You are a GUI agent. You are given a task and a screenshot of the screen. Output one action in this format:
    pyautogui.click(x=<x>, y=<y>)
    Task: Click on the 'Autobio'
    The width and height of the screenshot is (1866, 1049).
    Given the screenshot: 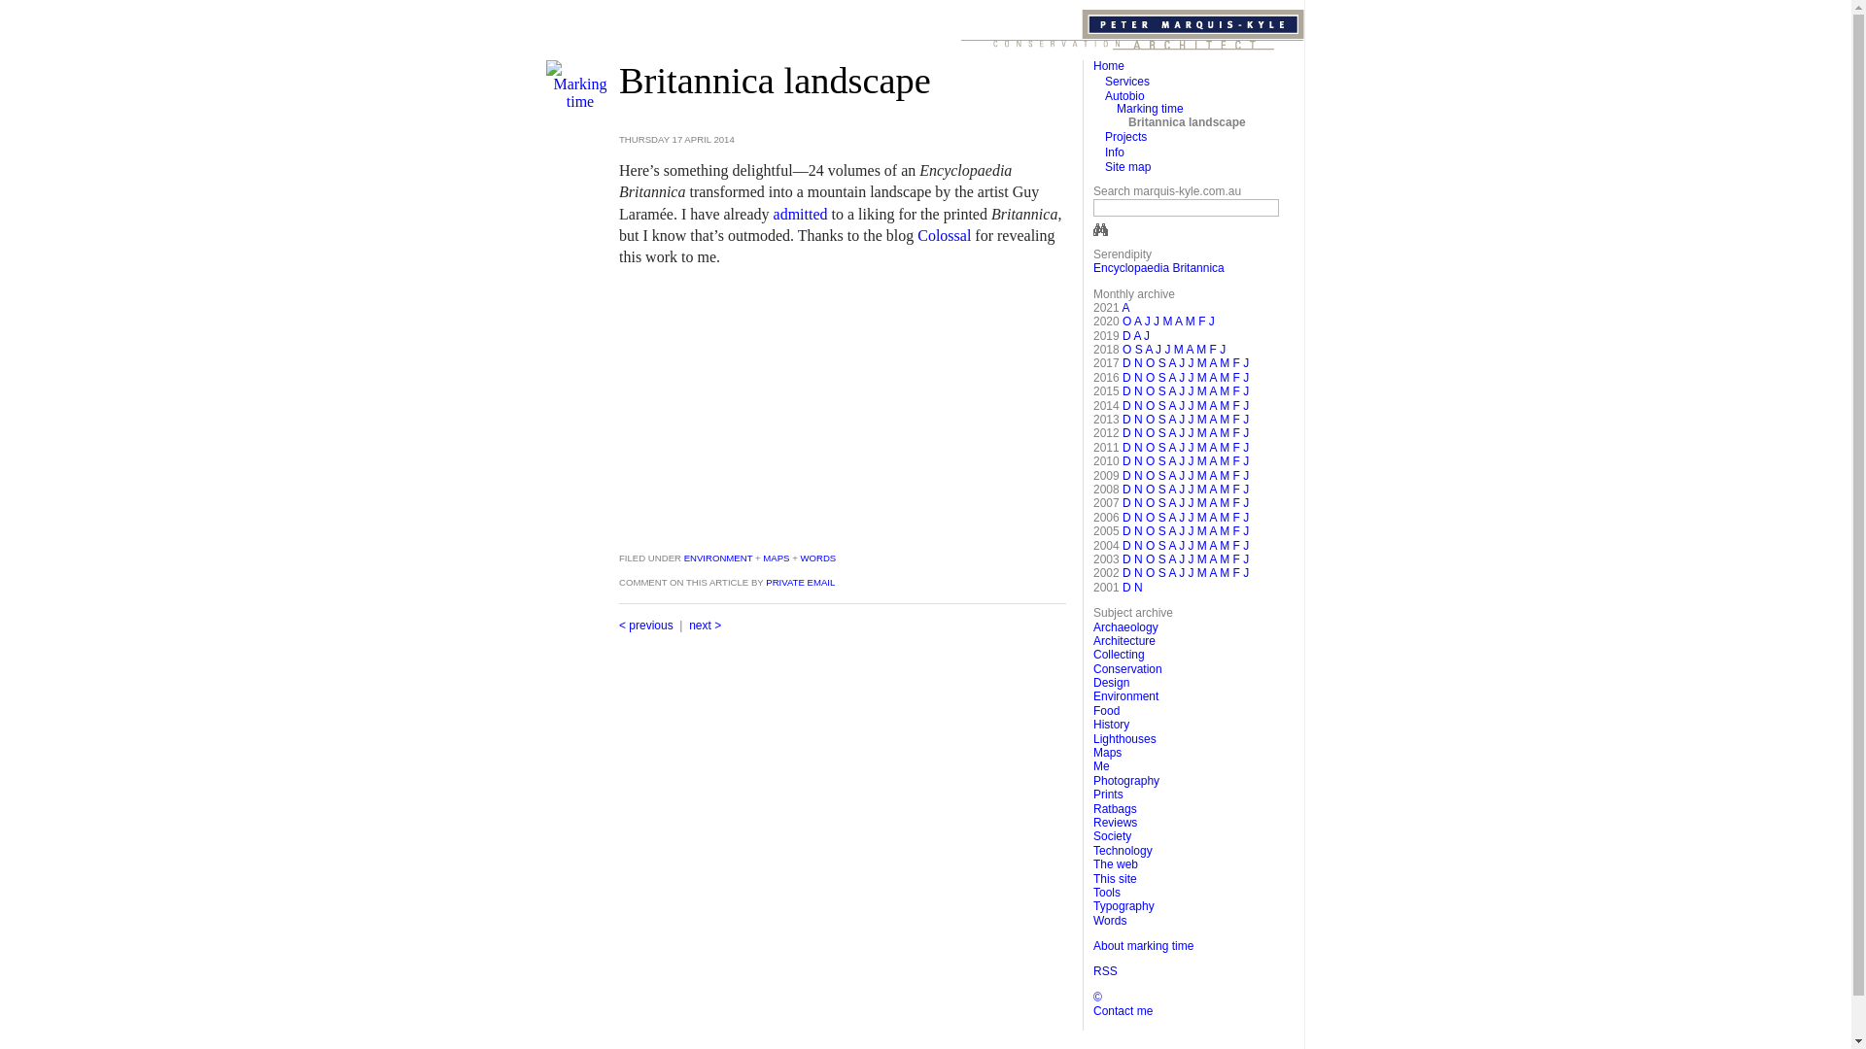 What is the action you would take?
    pyautogui.click(x=1124, y=96)
    